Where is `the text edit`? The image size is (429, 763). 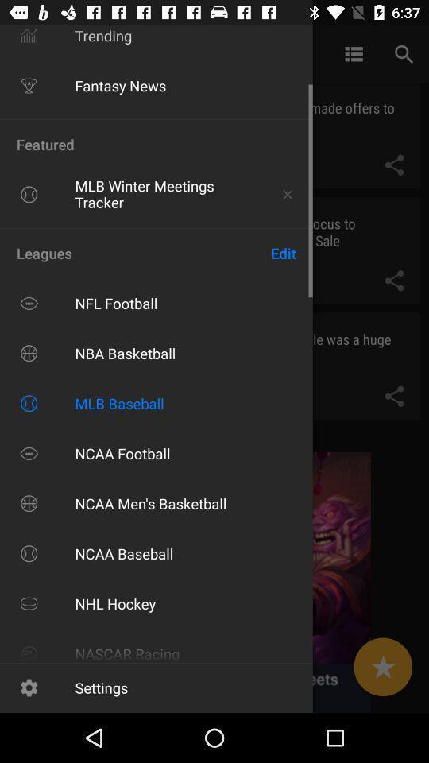 the text edit is located at coordinates (282, 253).